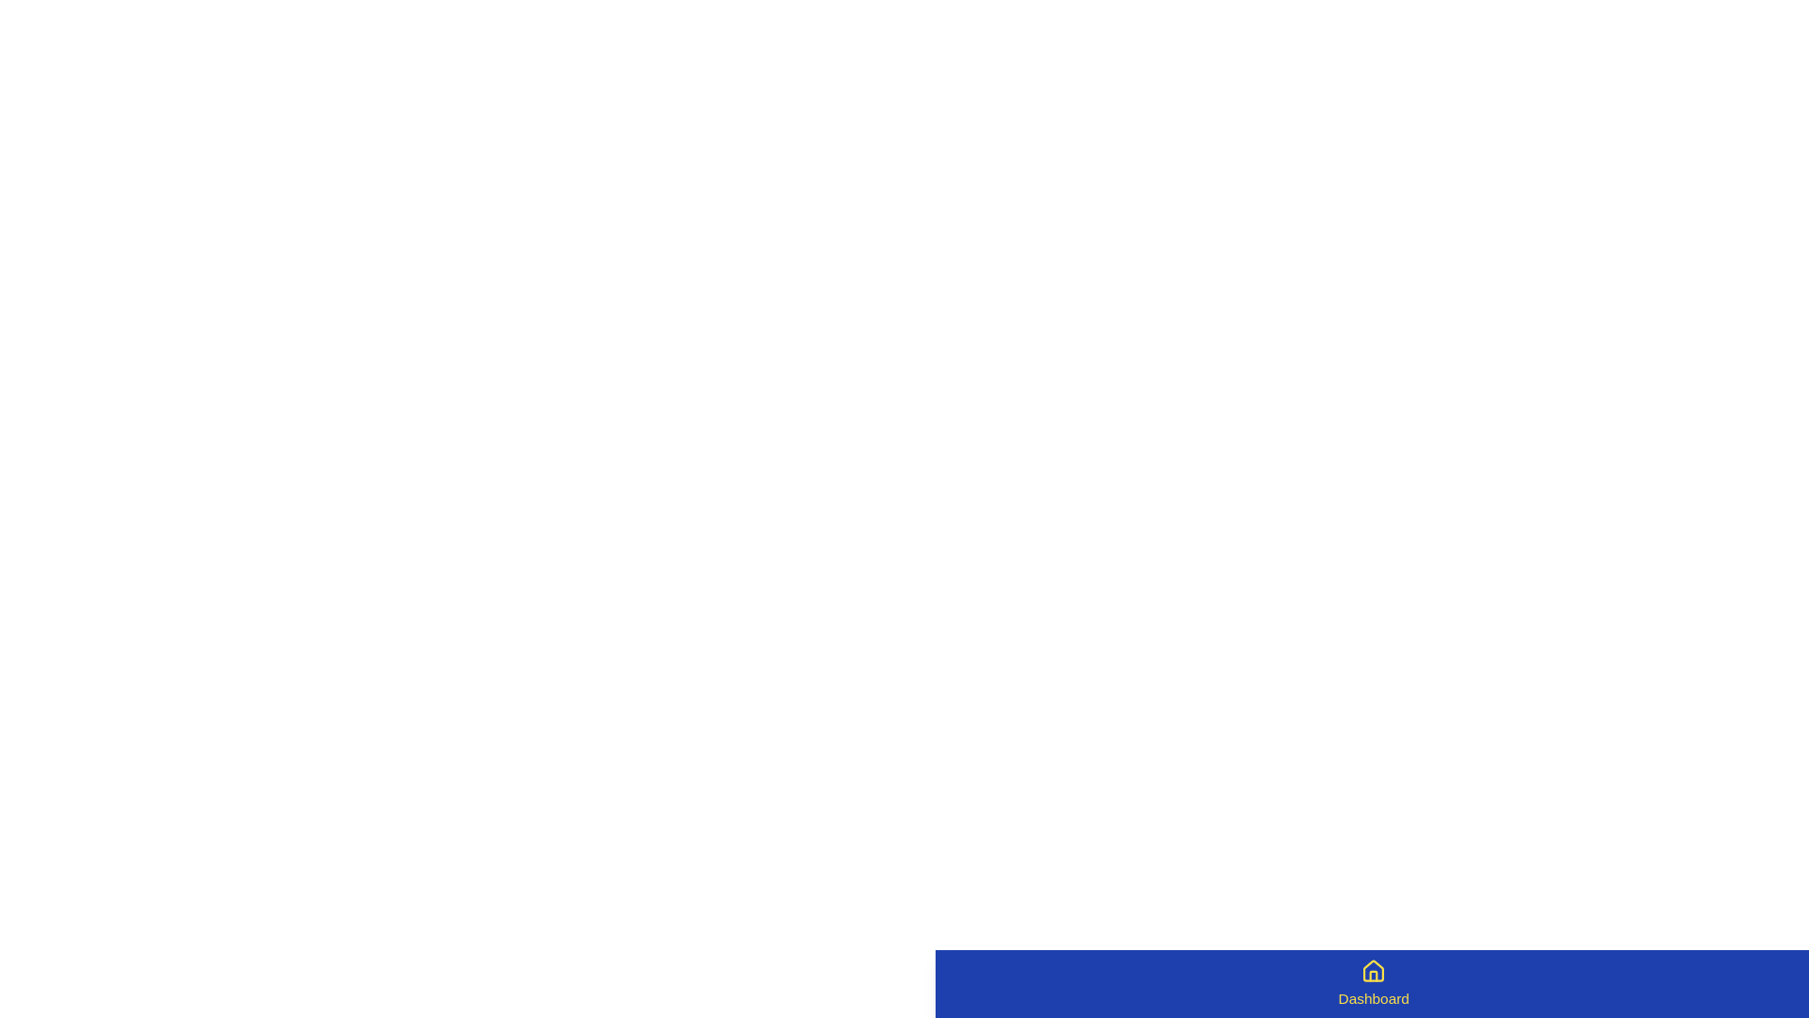  What do you see at coordinates (1374, 983) in the screenshot?
I see `the tab labeled Dashboard` at bounding box center [1374, 983].